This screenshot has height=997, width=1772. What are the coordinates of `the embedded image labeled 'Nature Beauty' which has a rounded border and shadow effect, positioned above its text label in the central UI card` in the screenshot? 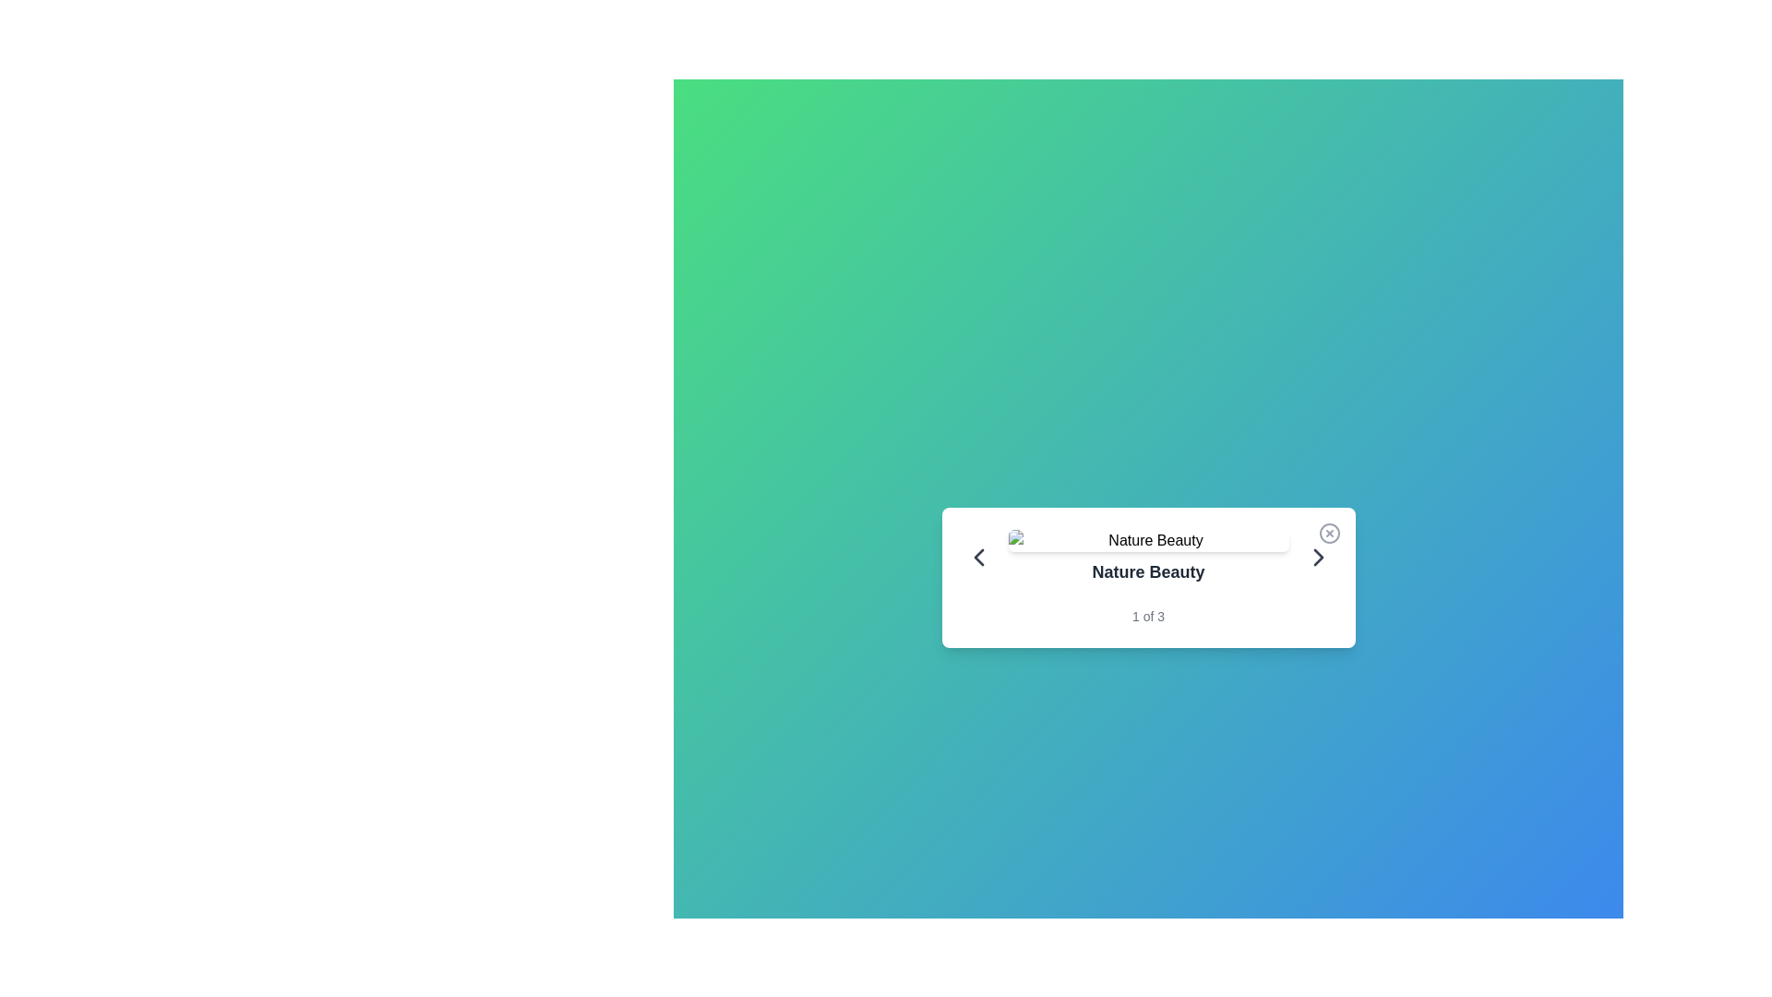 It's located at (1147, 540).